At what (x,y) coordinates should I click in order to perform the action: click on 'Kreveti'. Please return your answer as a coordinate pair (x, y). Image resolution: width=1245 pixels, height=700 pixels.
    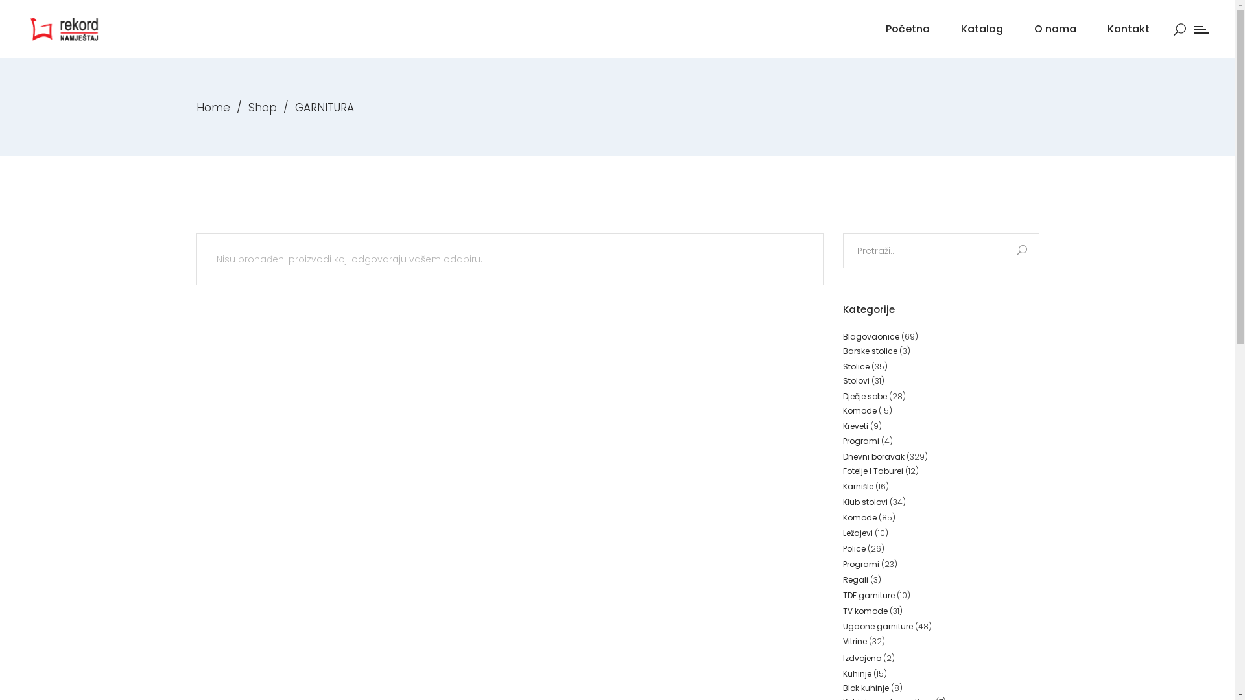
    Looking at the image, I should click on (855, 426).